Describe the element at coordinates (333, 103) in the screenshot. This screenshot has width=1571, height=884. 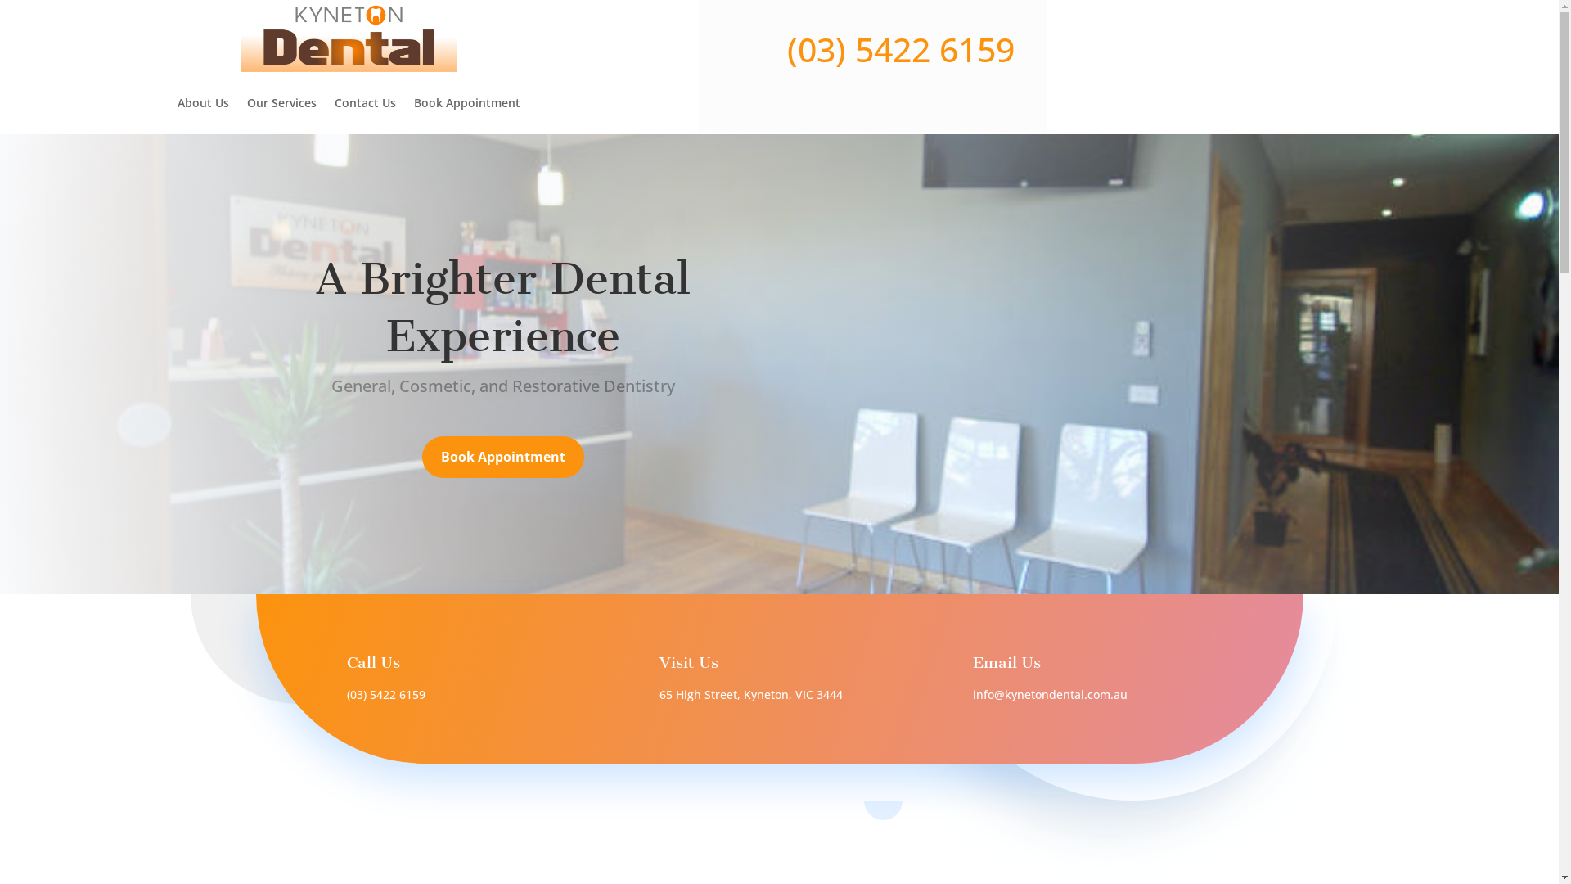
I see `'Contact Us'` at that location.